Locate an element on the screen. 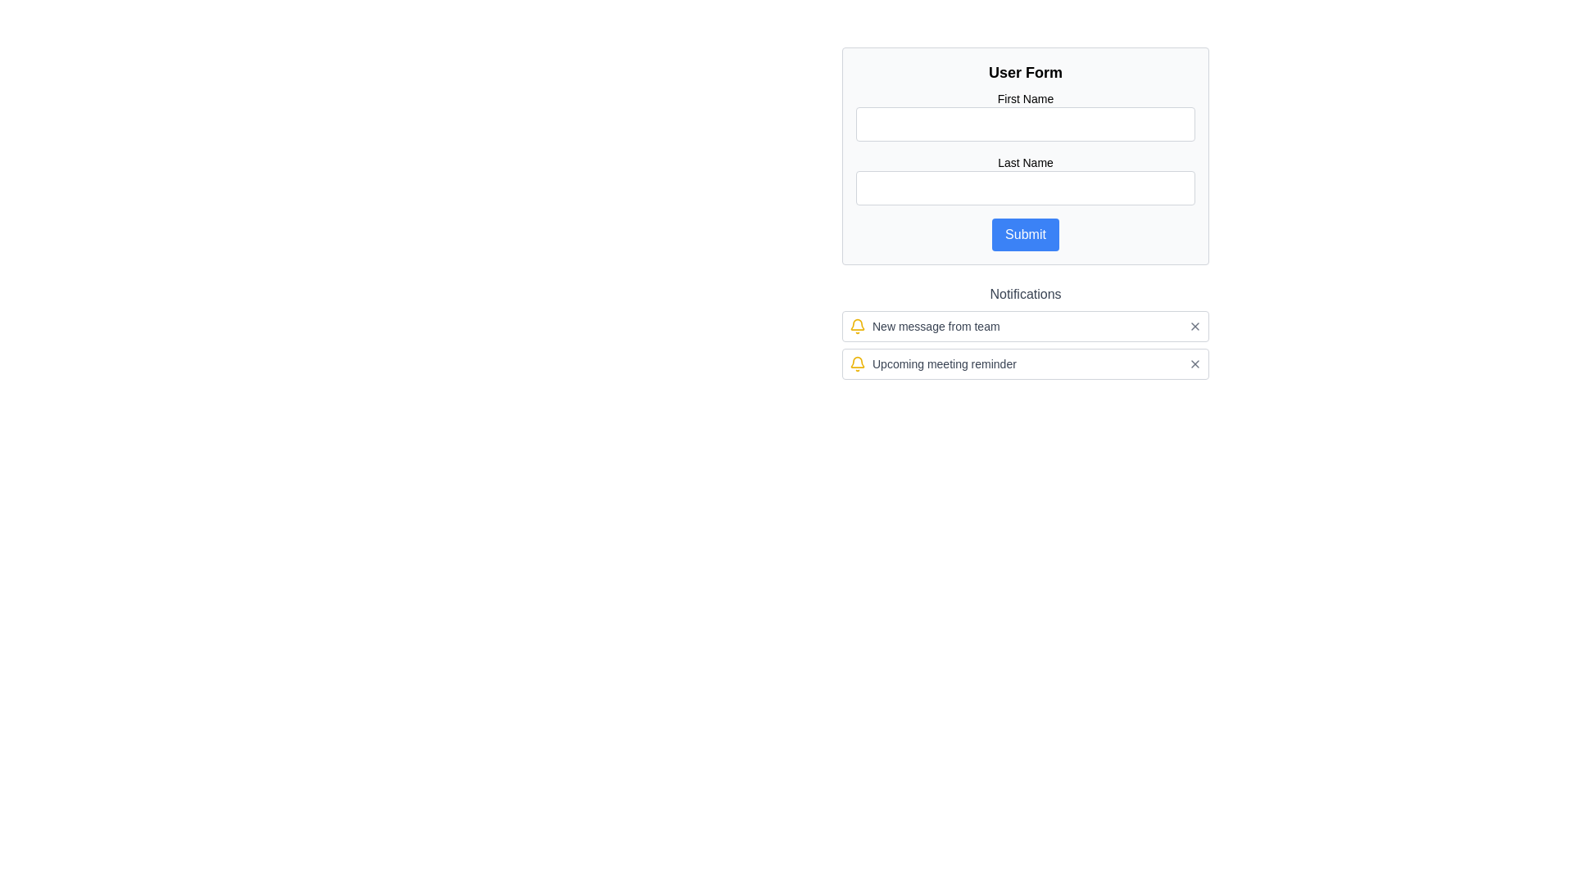  the yellow bell icon located to the left of the 'Upcoming meeting reminder' notification item is located at coordinates (856, 363).